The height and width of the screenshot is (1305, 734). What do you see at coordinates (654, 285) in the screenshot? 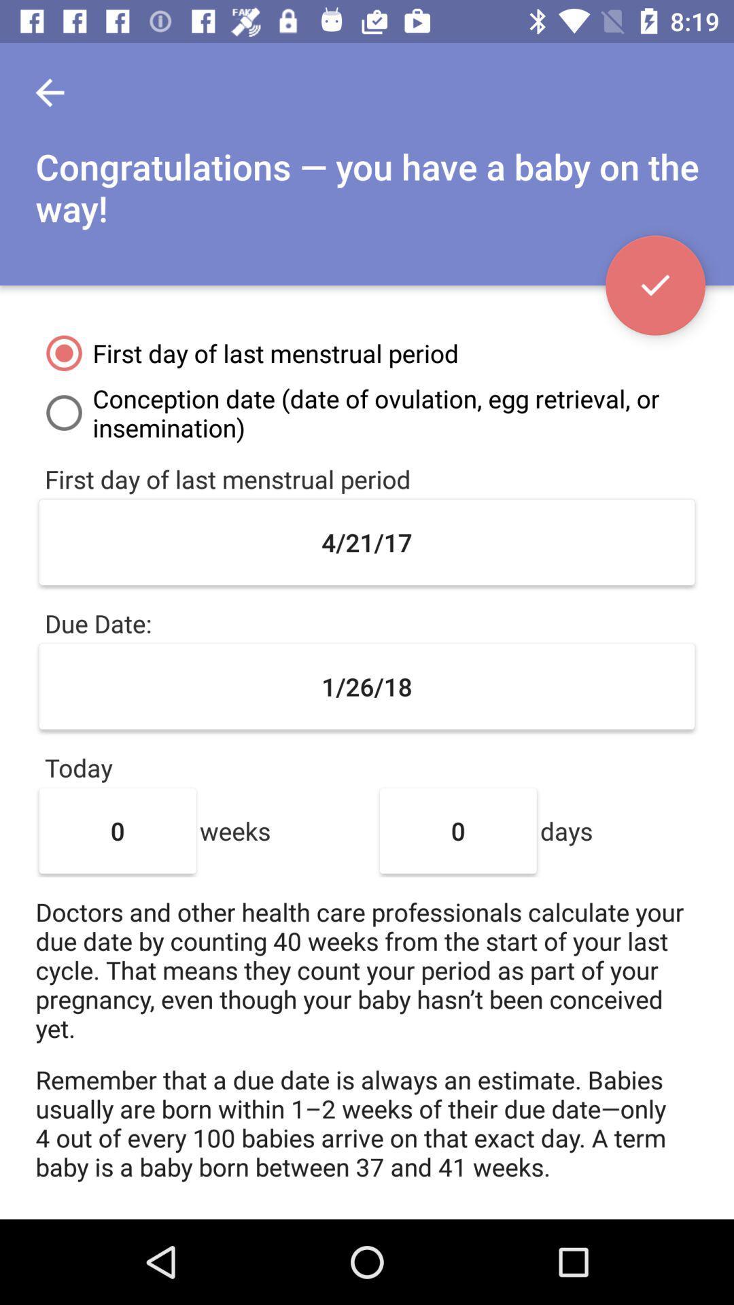
I see `icon at the top right corner` at bounding box center [654, 285].